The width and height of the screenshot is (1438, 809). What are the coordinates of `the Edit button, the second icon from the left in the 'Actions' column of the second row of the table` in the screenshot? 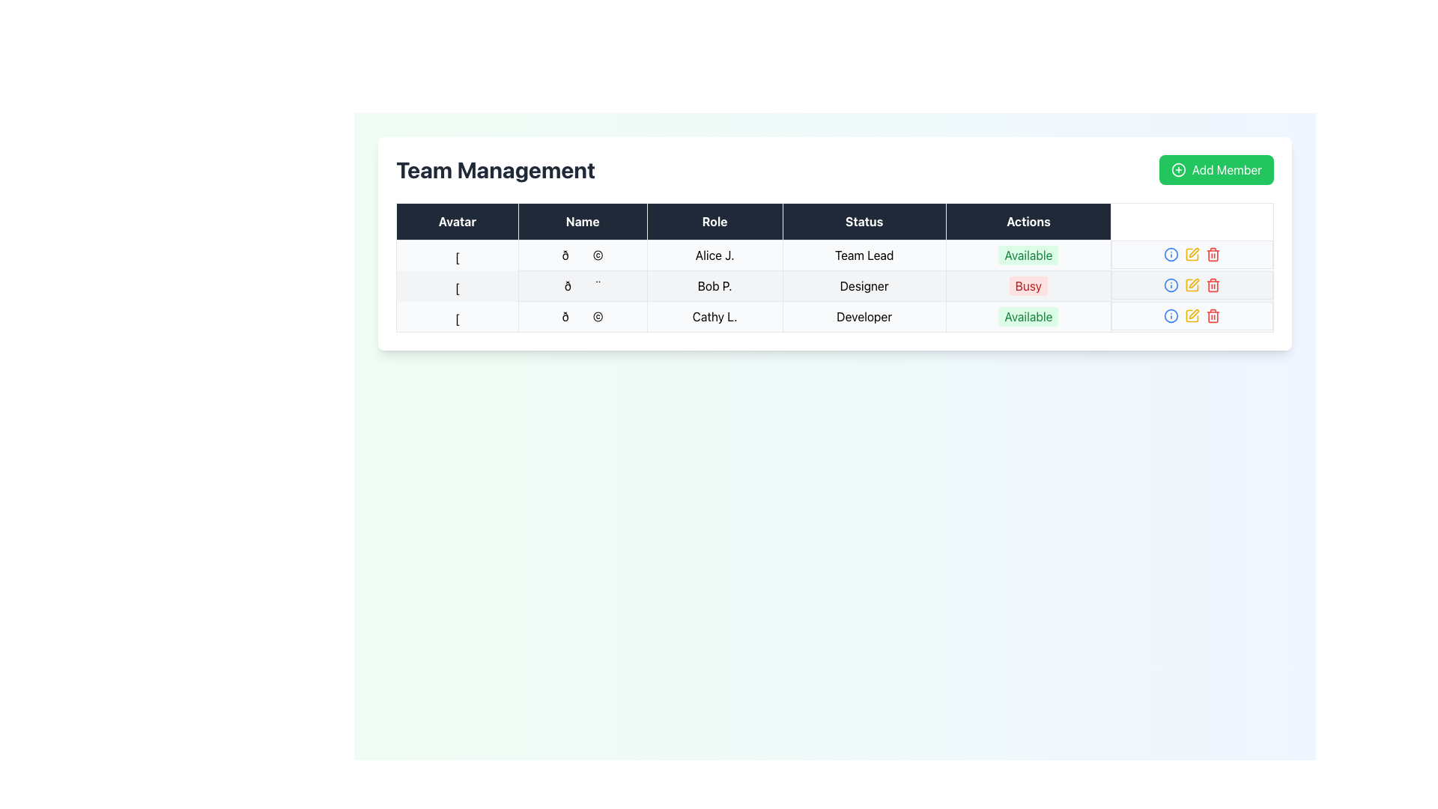 It's located at (1192, 285).